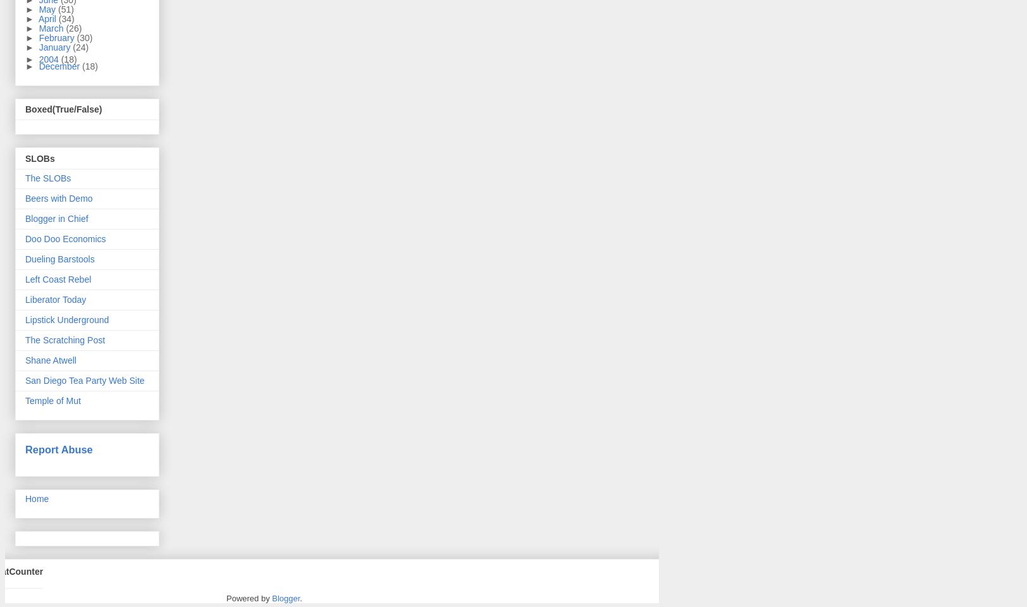  I want to click on '(30)', so click(84, 37).